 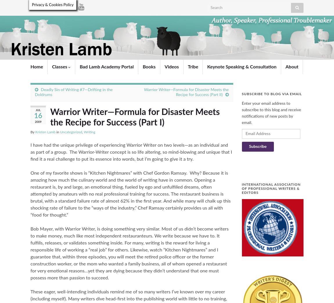 I want to click on 'International Association of Professional Writers & Editors', so click(x=271, y=188).